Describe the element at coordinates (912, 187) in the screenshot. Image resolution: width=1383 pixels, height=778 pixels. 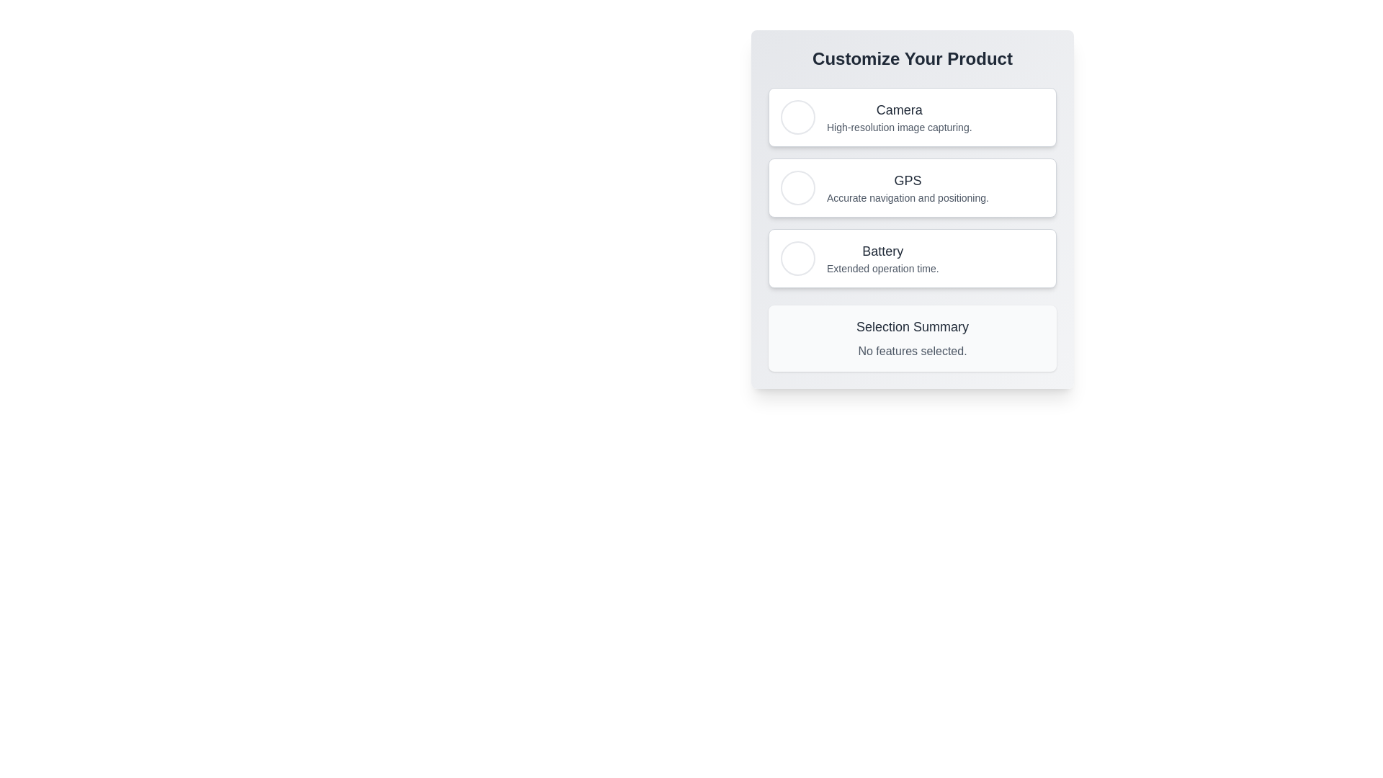
I see `the GPS feature selection card` at that location.